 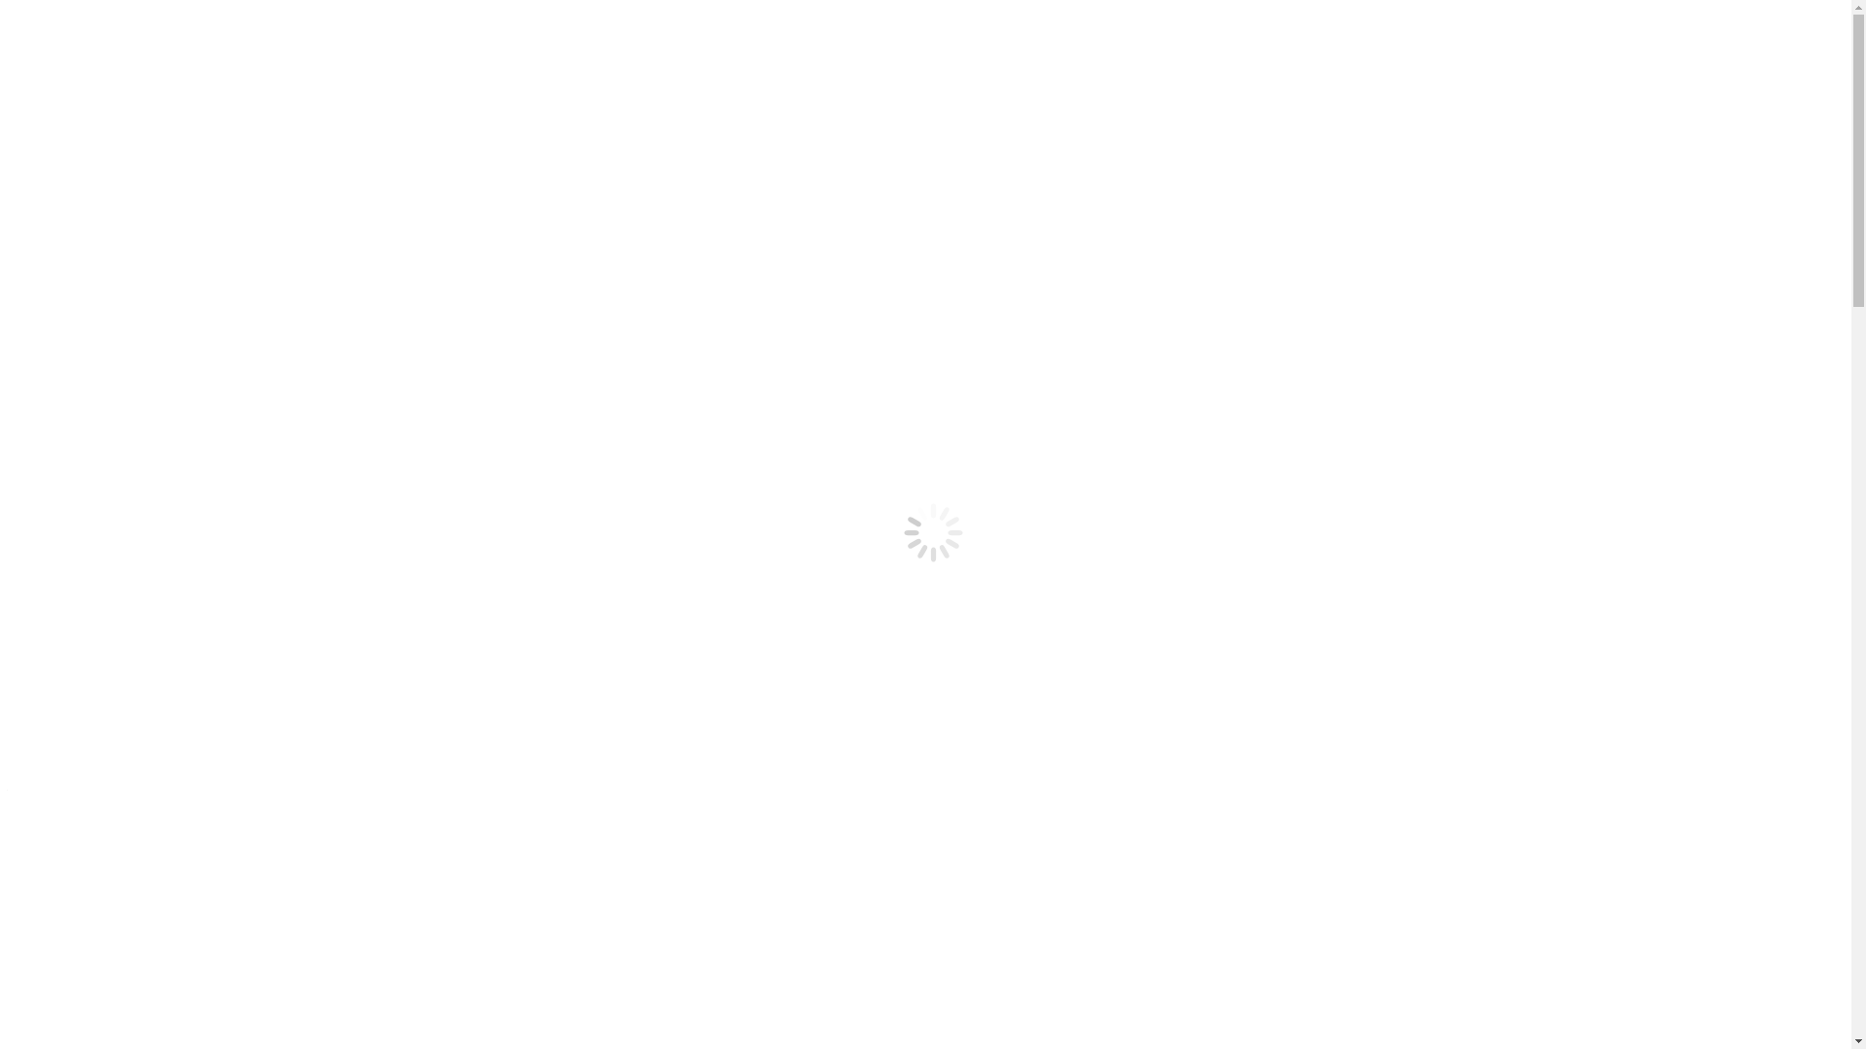 I want to click on 'Highway 285 Cameras in Colorado Weather', so click(x=184, y=212).